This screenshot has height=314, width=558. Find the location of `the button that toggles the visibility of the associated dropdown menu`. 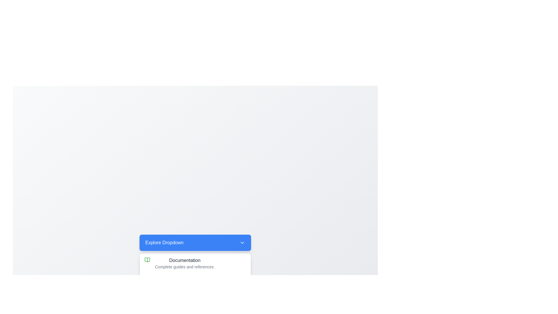

the button that toggles the visibility of the associated dropdown menu is located at coordinates (195, 242).